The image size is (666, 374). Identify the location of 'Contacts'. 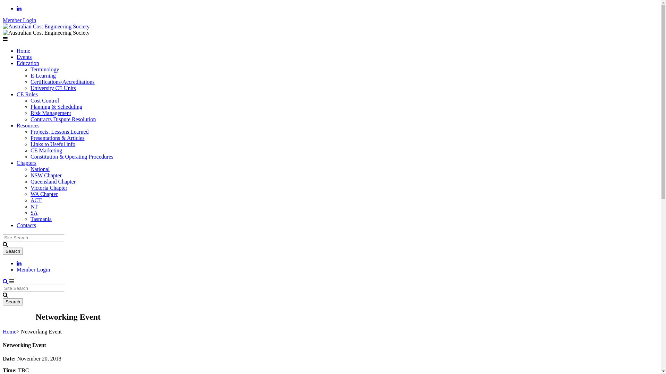
(26, 225).